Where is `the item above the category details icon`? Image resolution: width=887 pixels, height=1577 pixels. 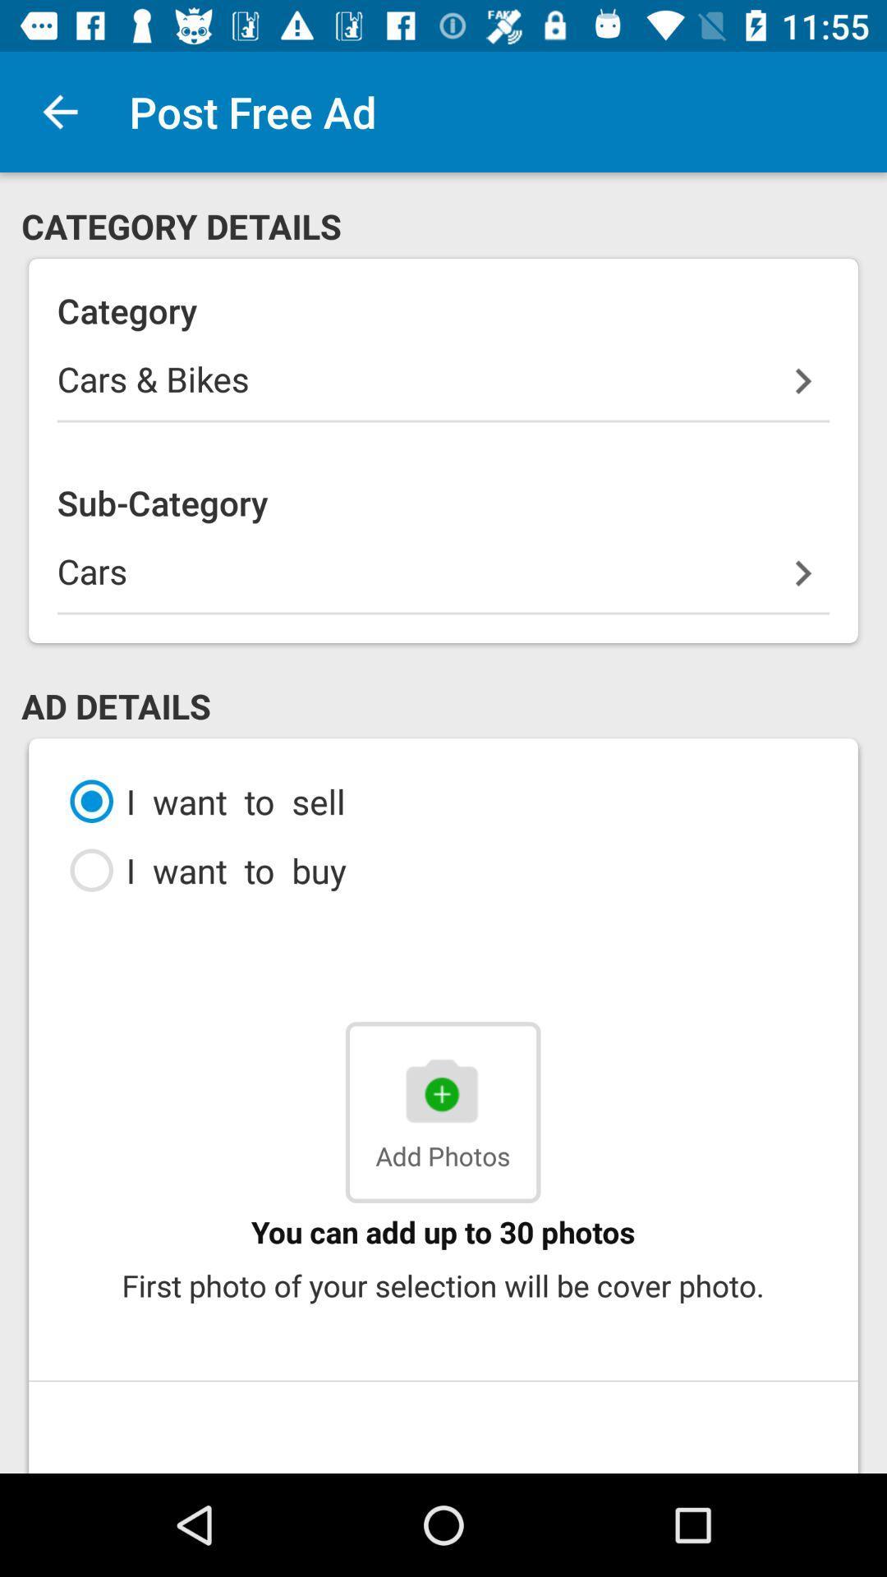
the item above the category details icon is located at coordinates (59, 111).